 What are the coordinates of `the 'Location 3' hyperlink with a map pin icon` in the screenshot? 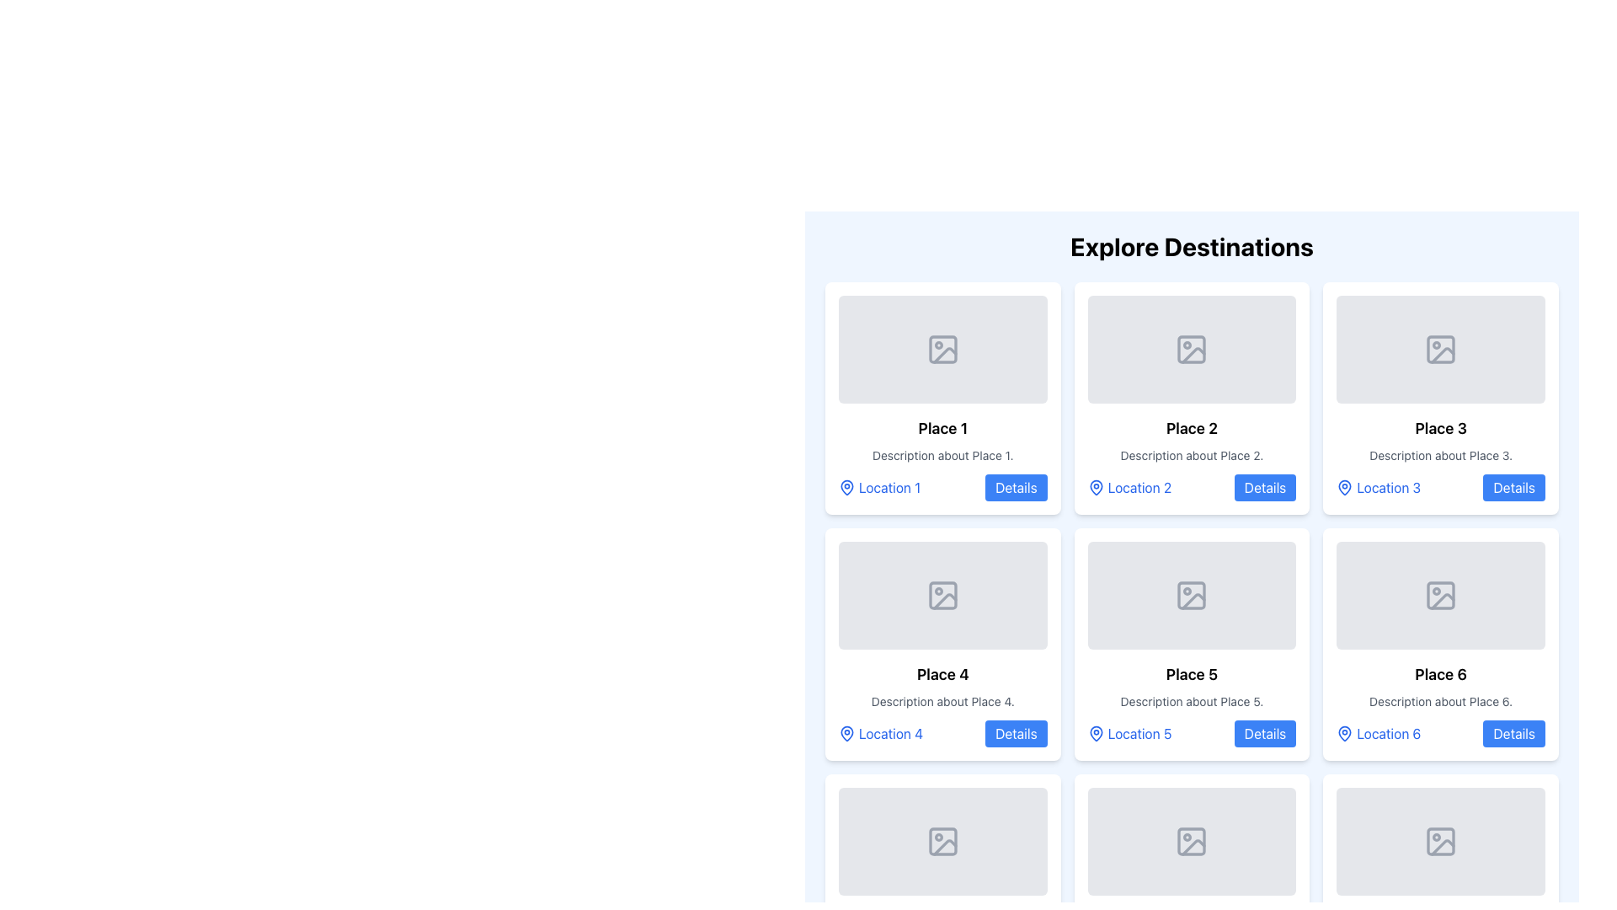 It's located at (1379, 487).